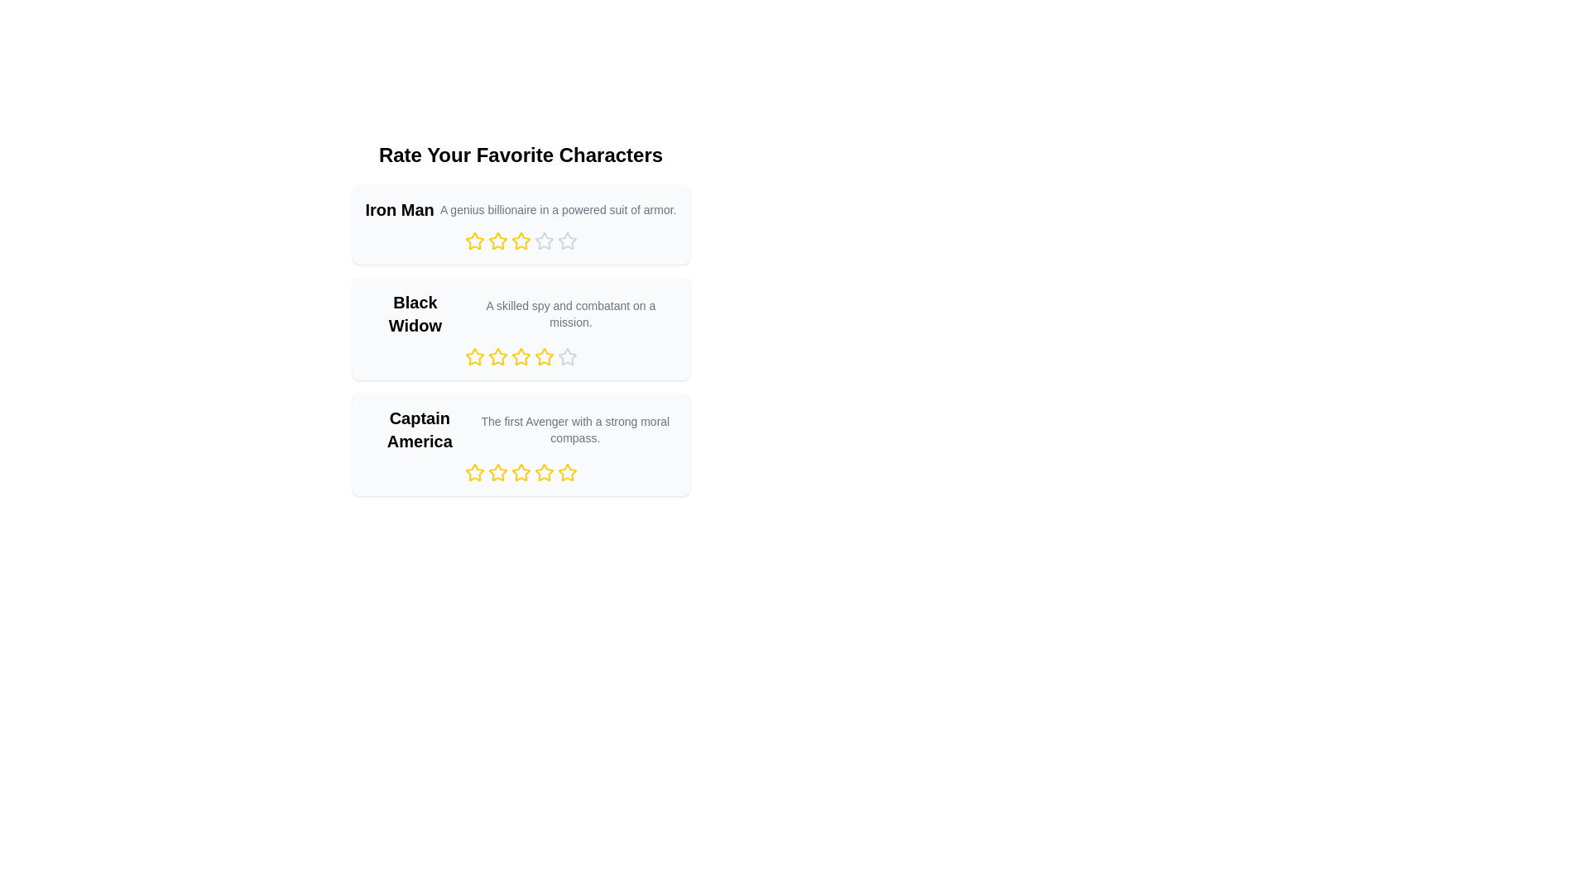 The width and height of the screenshot is (1589, 893). Describe the element at coordinates (520, 356) in the screenshot. I see `the third star icon from the left` at that location.